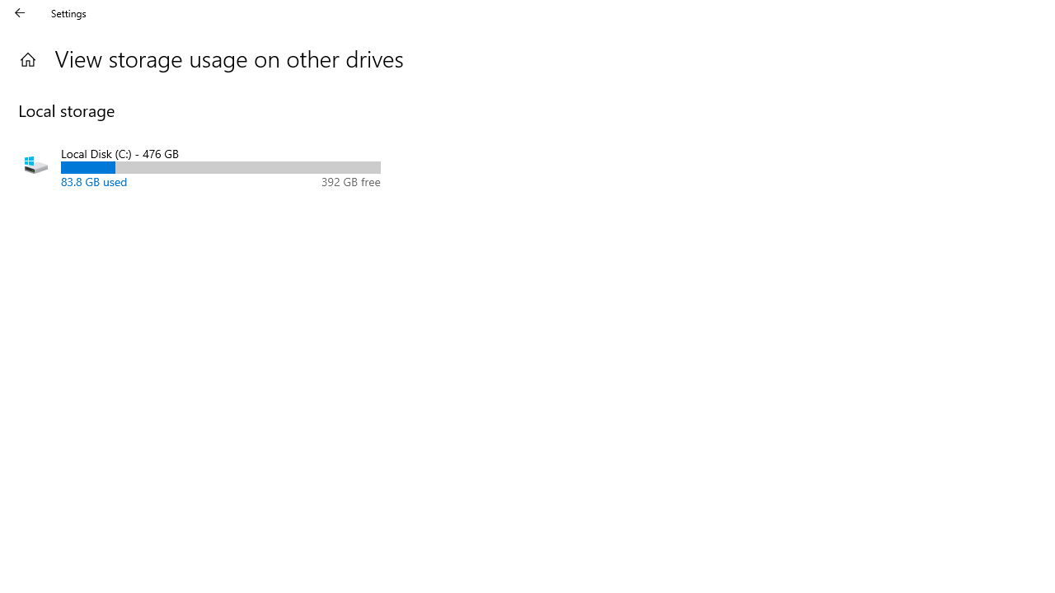 Image resolution: width=1055 pixels, height=593 pixels. What do you see at coordinates (27, 58) in the screenshot?
I see `'Home'` at bounding box center [27, 58].